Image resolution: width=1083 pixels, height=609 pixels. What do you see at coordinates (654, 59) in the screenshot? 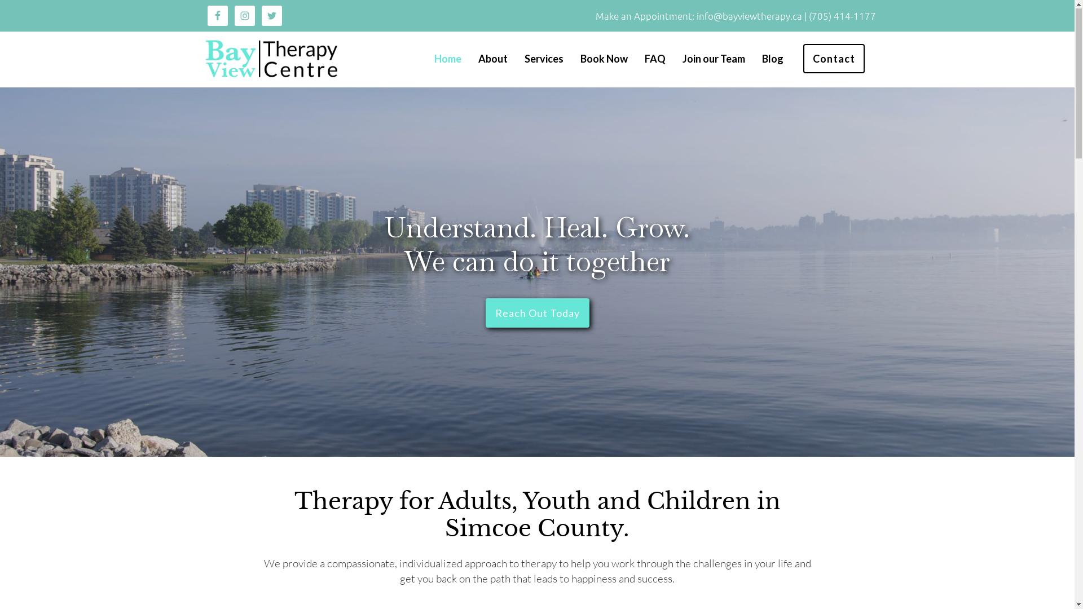
I see `'FAQ'` at bounding box center [654, 59].